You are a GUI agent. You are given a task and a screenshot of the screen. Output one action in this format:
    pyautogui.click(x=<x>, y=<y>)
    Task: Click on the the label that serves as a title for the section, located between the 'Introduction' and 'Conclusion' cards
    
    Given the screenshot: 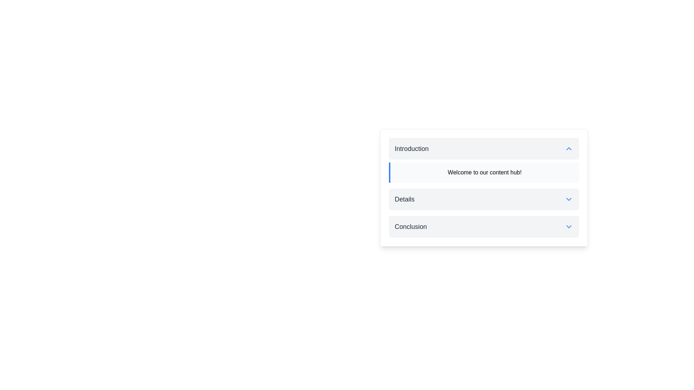 What is the action you would take?
    pyautogui.click(x=404, y=199)
    